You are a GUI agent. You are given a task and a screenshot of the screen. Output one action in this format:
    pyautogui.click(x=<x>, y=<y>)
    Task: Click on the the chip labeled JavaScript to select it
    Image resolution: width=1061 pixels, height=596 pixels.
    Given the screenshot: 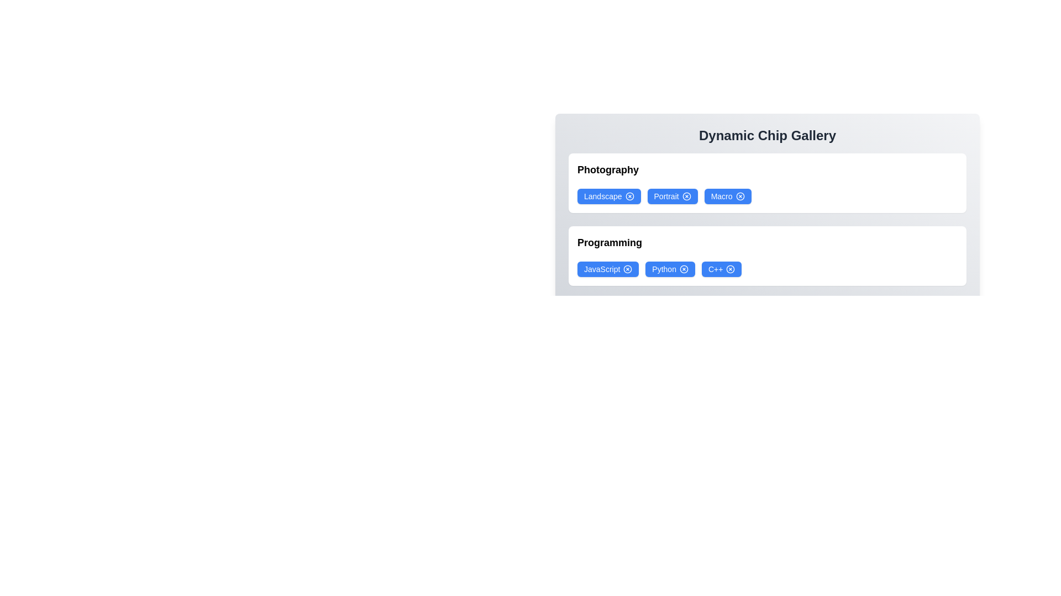 What is the action you would take?
    pyautogui.click(x=607, y=269)
    